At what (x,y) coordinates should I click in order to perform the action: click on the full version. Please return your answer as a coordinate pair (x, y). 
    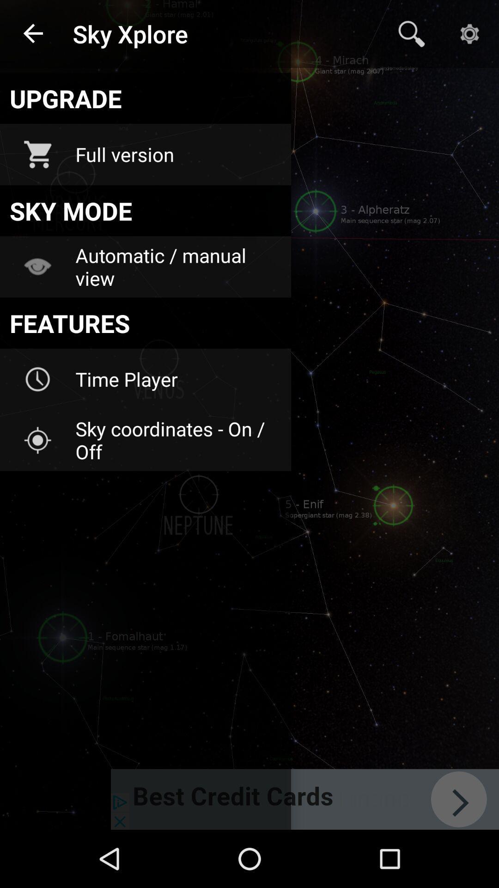
    Looking at the image, I should click on (177, 154).